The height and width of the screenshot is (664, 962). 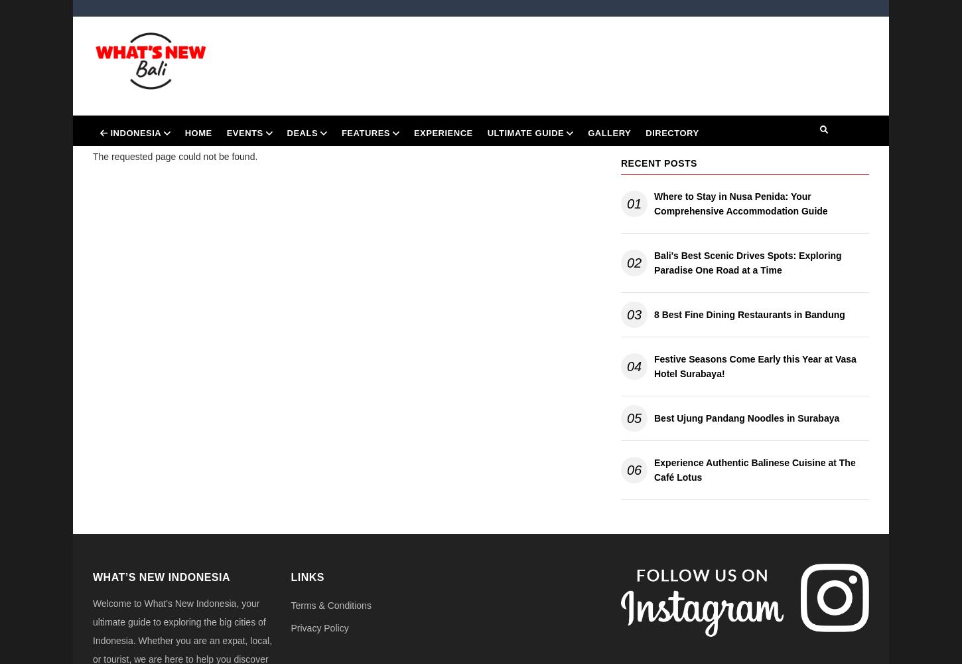 What do you see at coordinates (334, 254) in the screenshot?
I see `'Health & Wellness'` at bounding box center [334, 254].